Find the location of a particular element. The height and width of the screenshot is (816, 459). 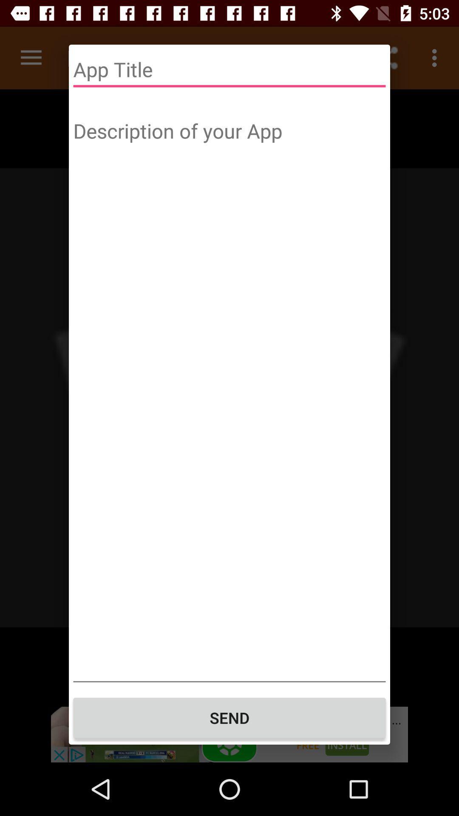

description of app is located at coordinates (229, 398).